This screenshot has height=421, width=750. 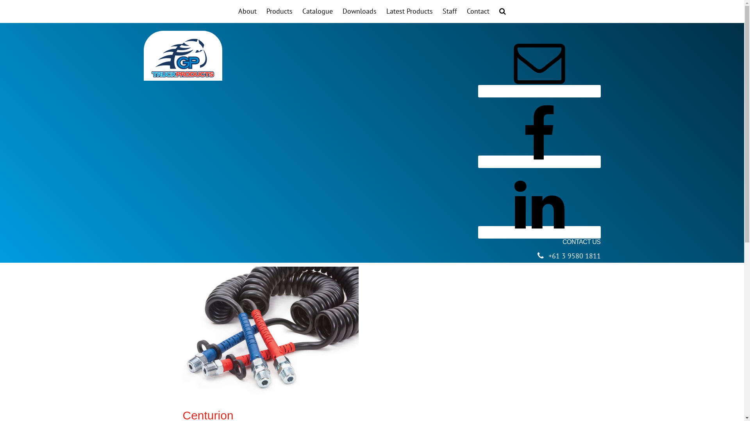 I want to click on 'About', so click(x=247, y=11).